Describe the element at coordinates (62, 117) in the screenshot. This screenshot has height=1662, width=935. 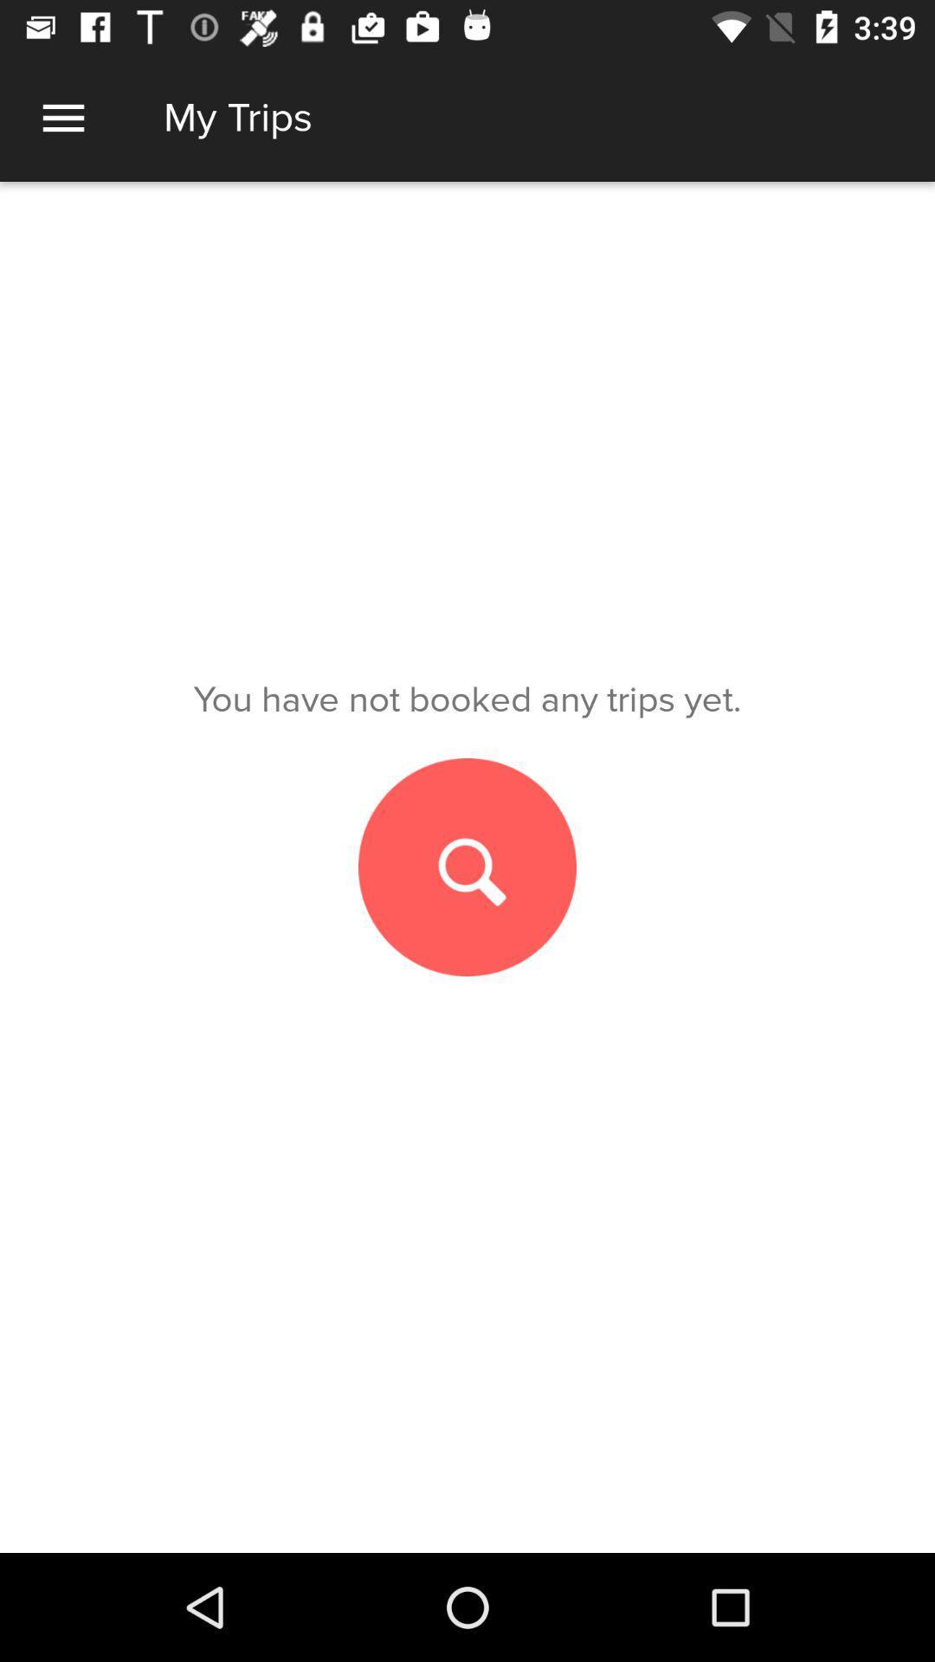
I see `options` at that location.